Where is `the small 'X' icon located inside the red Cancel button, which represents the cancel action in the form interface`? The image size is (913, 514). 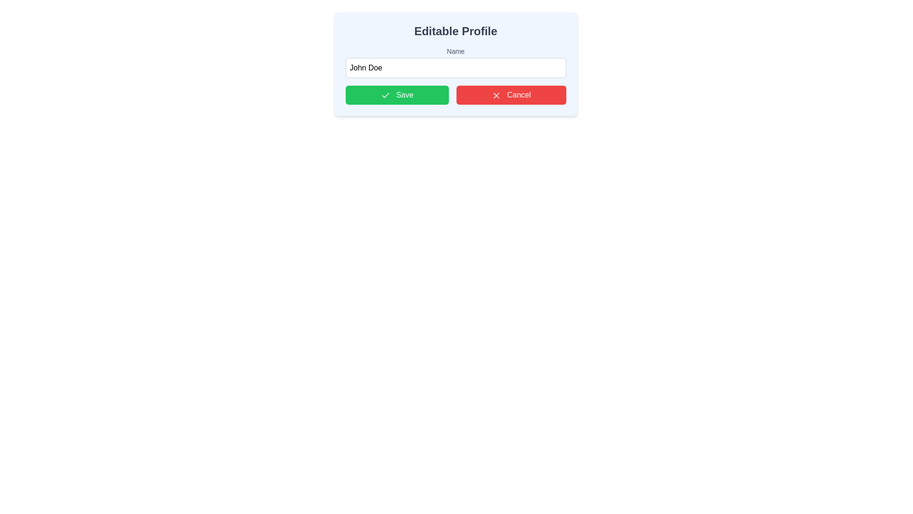
the small 'X' icon located inside the red Cancel button, which represents the cancel action in the form interface is located at coordinates (496, 95).